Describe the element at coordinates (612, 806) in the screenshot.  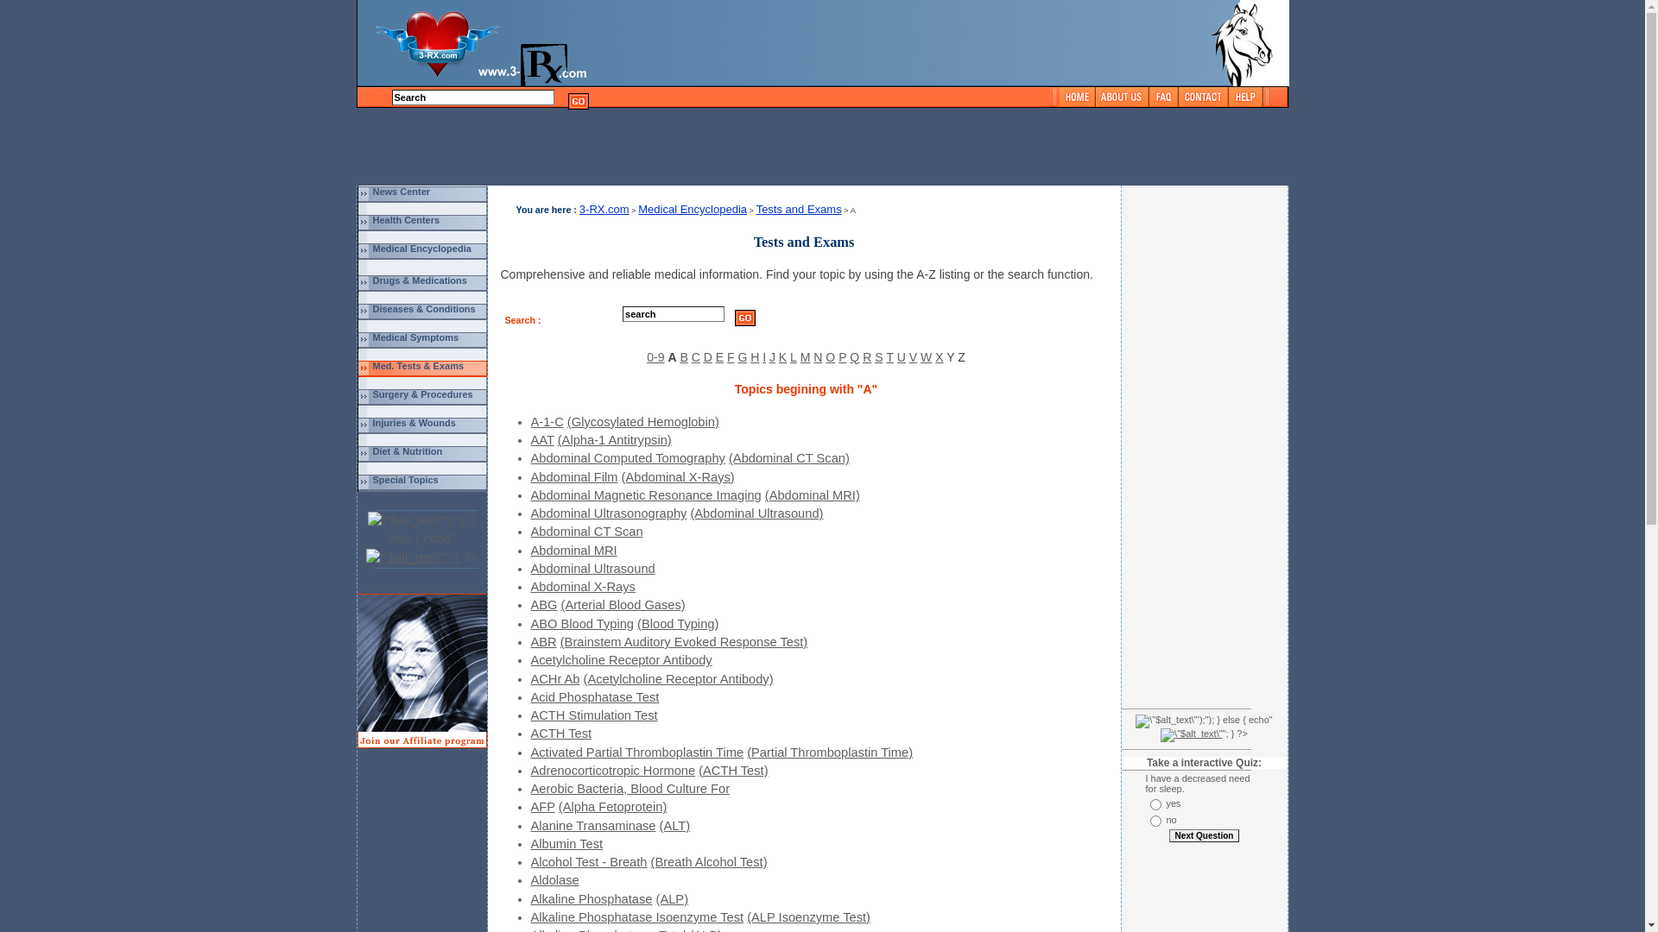
I see `'(Alpha Fetoprotein)'` at that location.